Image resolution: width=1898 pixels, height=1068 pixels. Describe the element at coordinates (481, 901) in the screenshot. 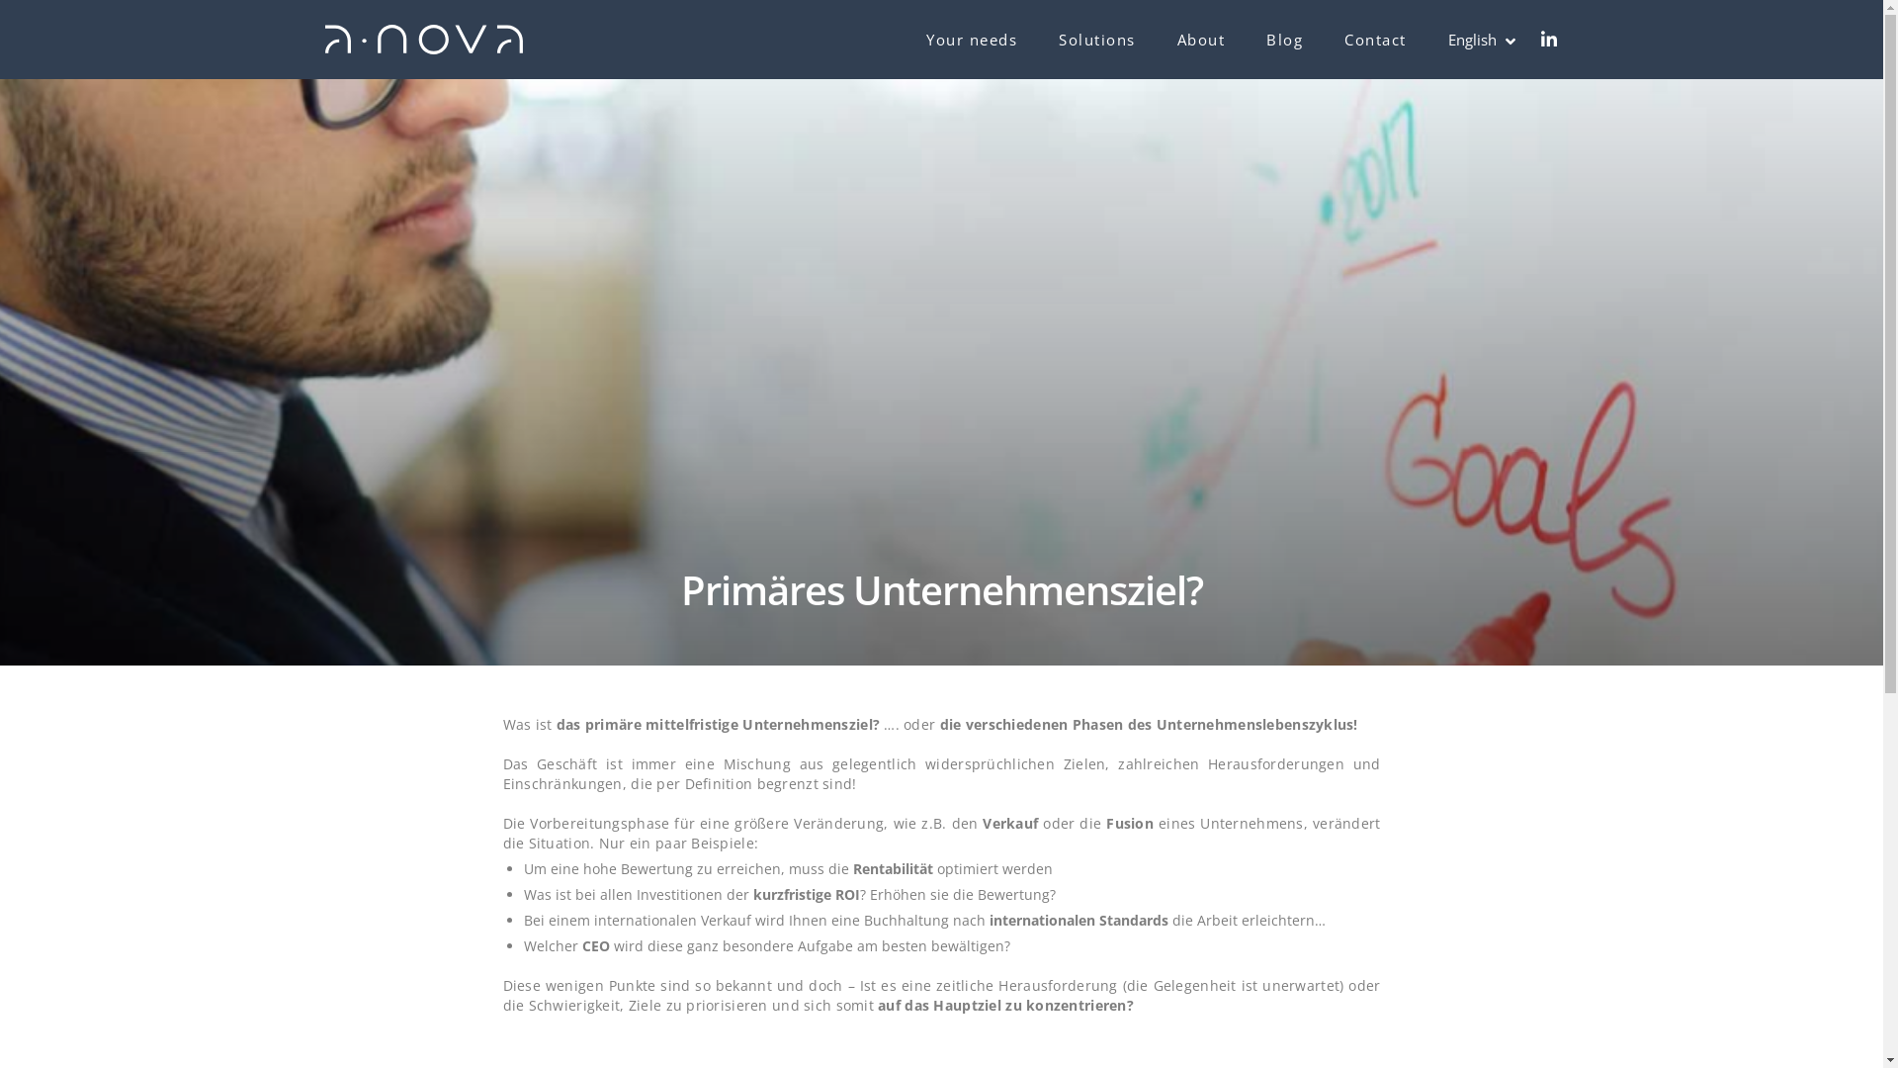

I see `'Devenir manager de transition,rejoindre a-nova'` at that location.